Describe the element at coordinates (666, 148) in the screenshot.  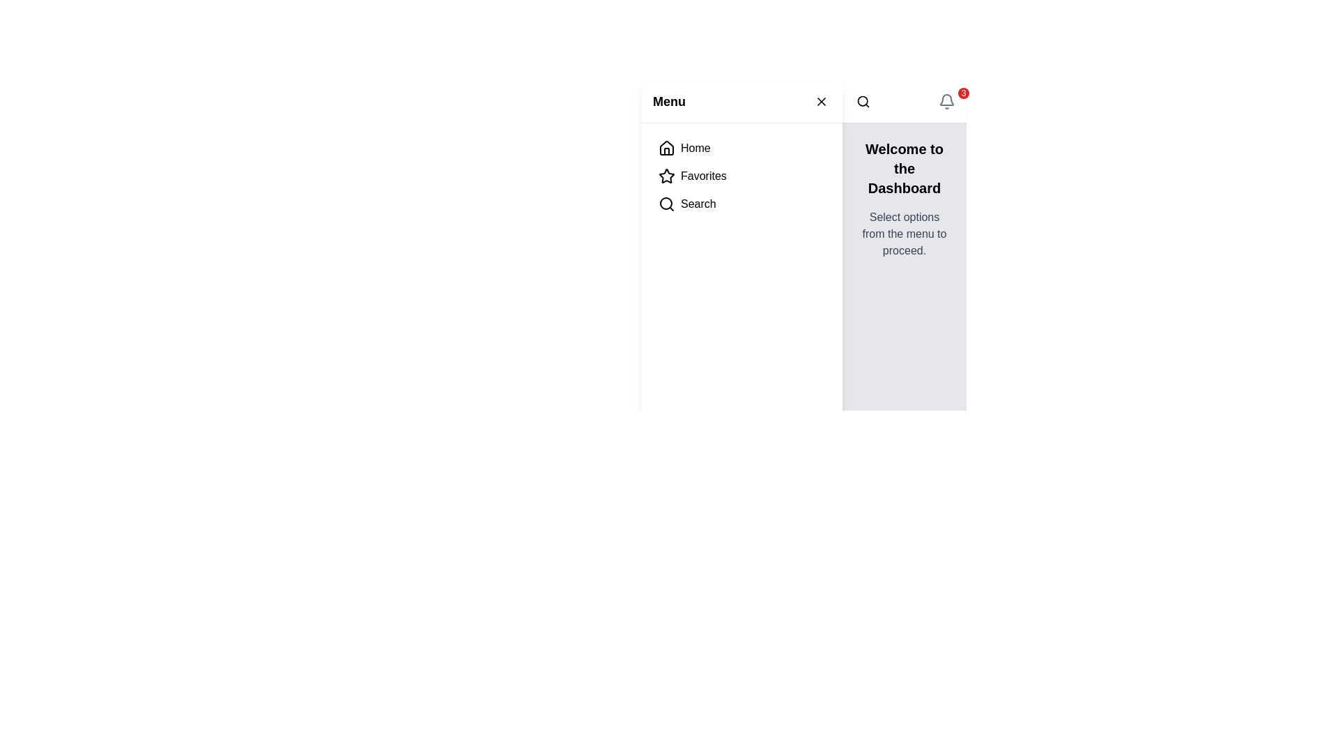
I see `the 'Home' menu icon, which is the first icon in the vertical list of menu items on the left side of the interface` at that location.